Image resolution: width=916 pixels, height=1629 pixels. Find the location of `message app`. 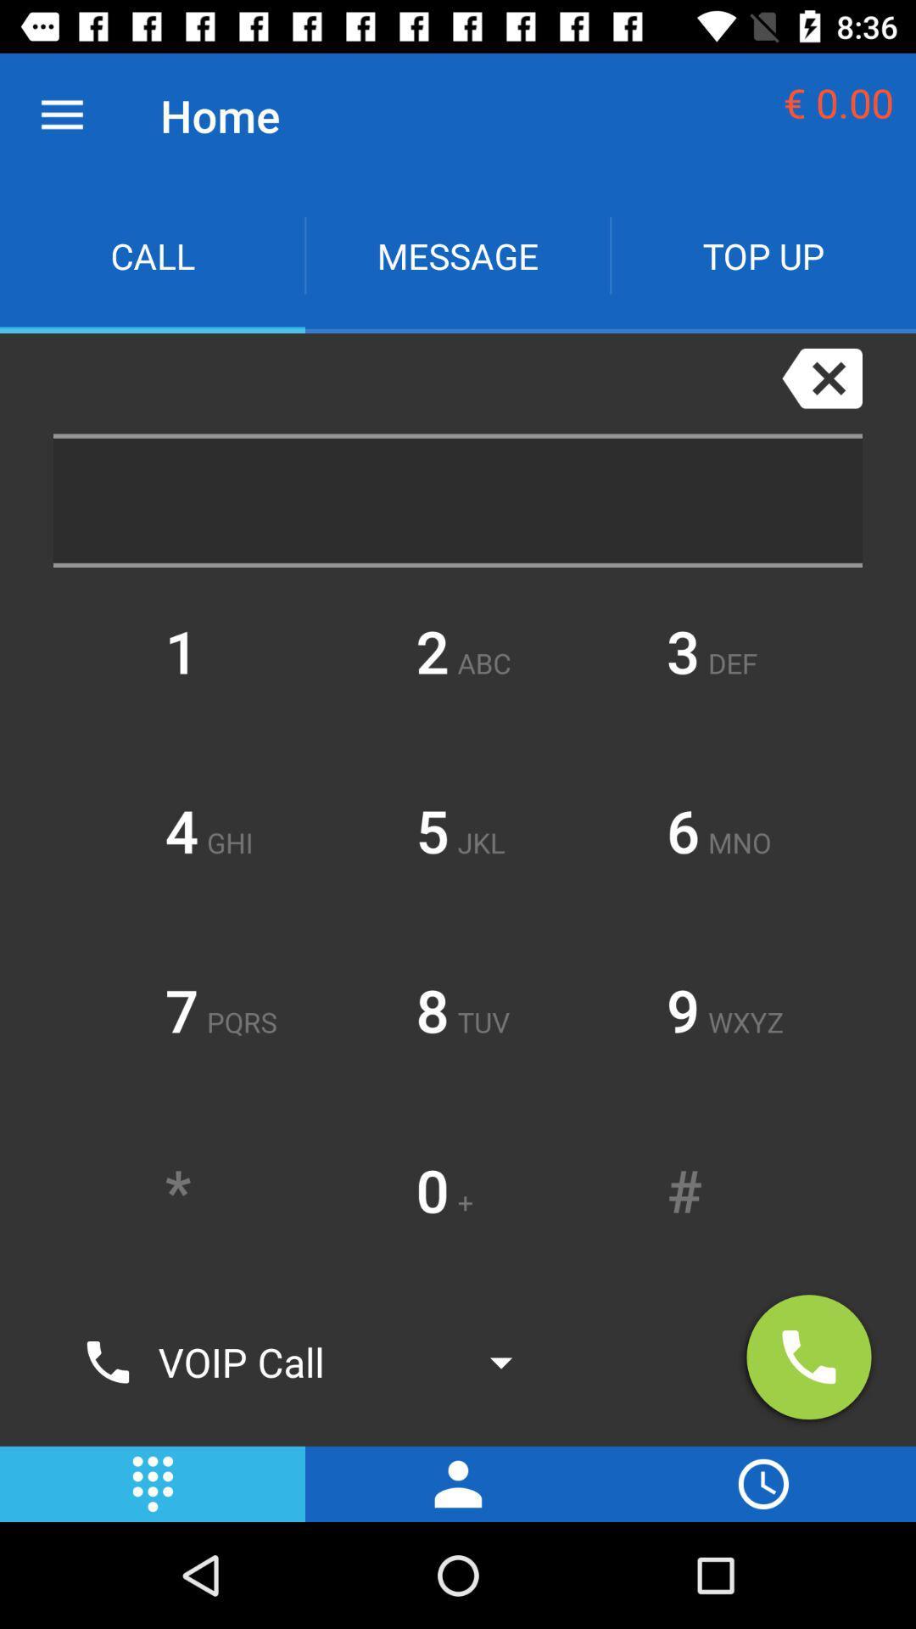

message app is located at coordinates (458, 255).